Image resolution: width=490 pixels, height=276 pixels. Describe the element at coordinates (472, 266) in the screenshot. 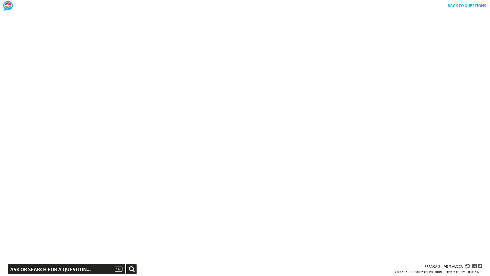

I see `'ALC FACEBOOK'` at that location.